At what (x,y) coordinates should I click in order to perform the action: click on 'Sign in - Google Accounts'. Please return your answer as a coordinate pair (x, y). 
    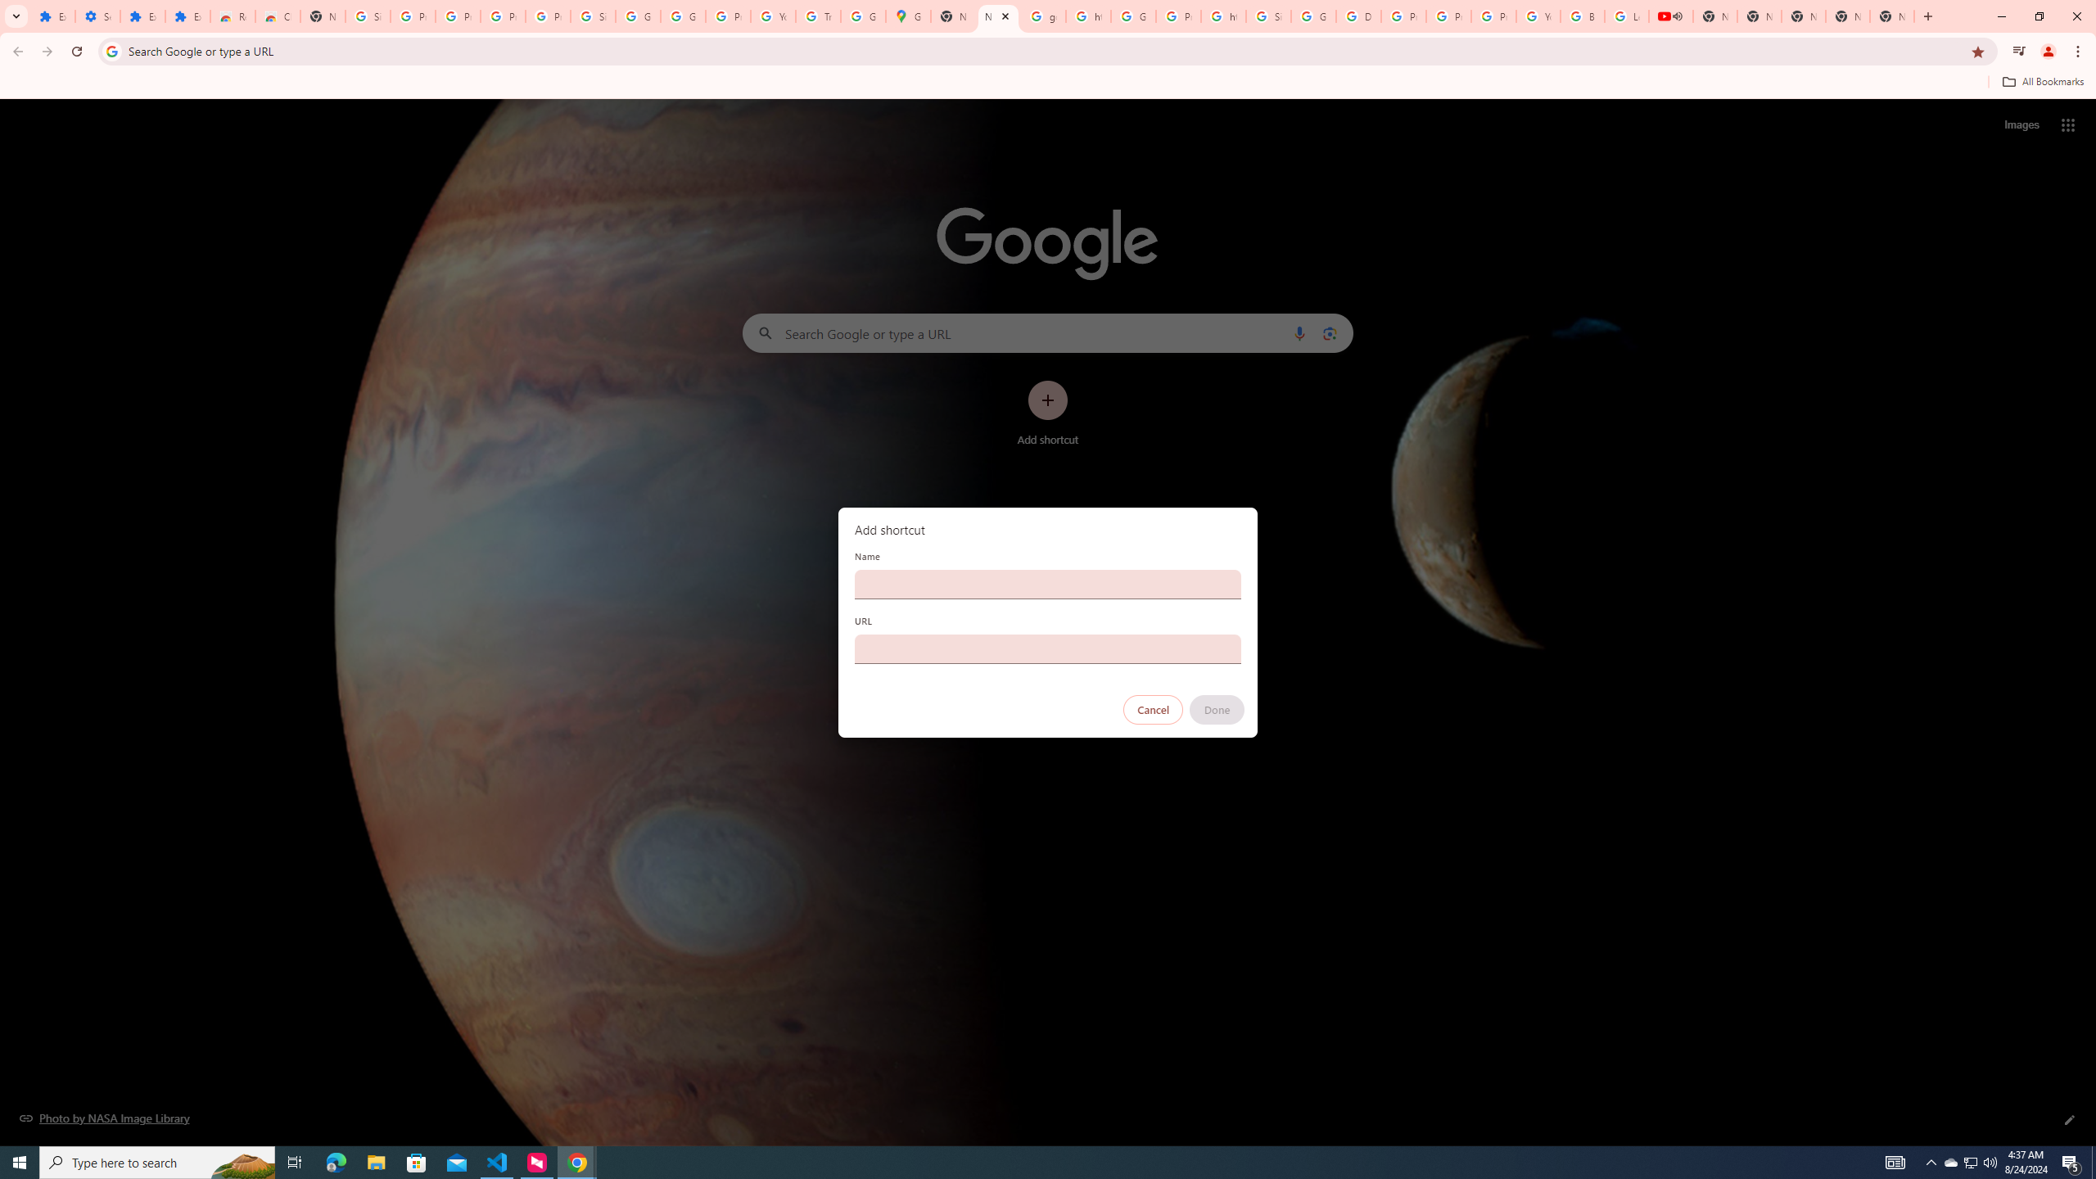
    Looking at the image, I should click on (367, 16).